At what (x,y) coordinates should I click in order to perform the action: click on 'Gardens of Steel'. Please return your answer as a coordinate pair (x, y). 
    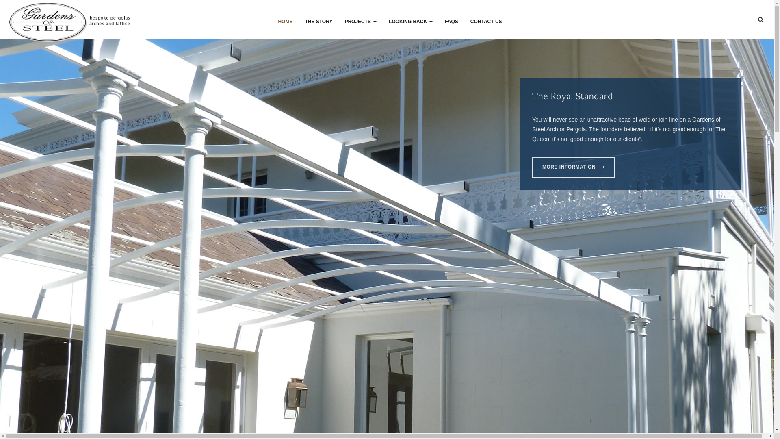
    Looking at the image, I should click on (71, 20).